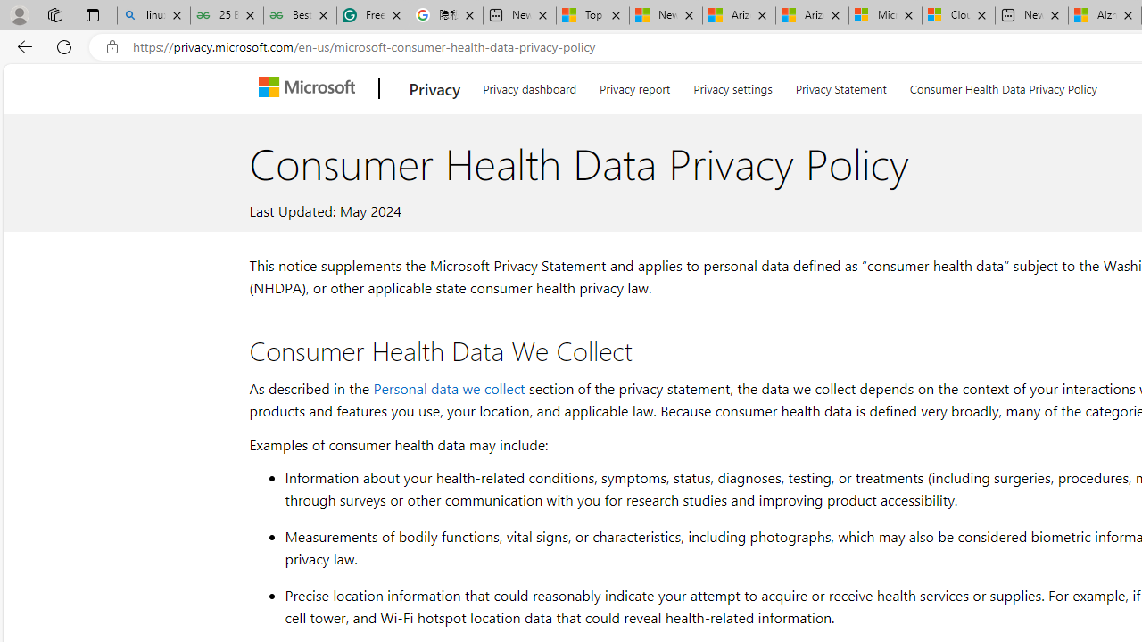 The height and width of the screenshot is (642, 1142). Describe the element at coordinates (635, 86) in the screenshot. I see `'Privacy report'` at that location.